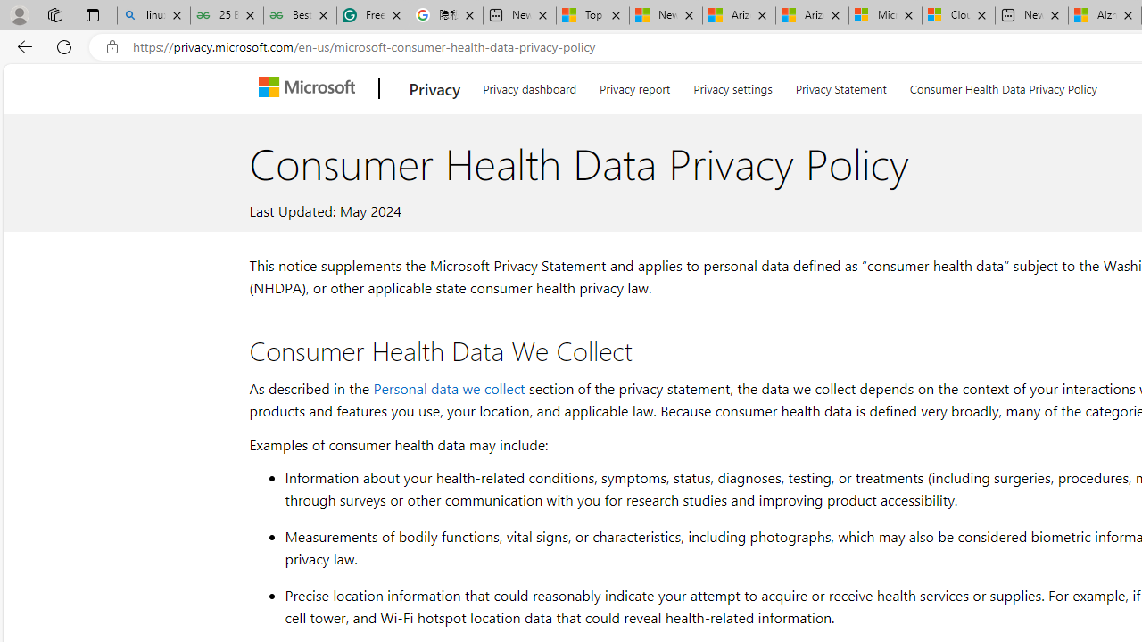 The height and width of the screenshot is (642, 1142). Describe the element at coordinates (635, 86) in the screenshot. I see `'Privacy report'` at that location.